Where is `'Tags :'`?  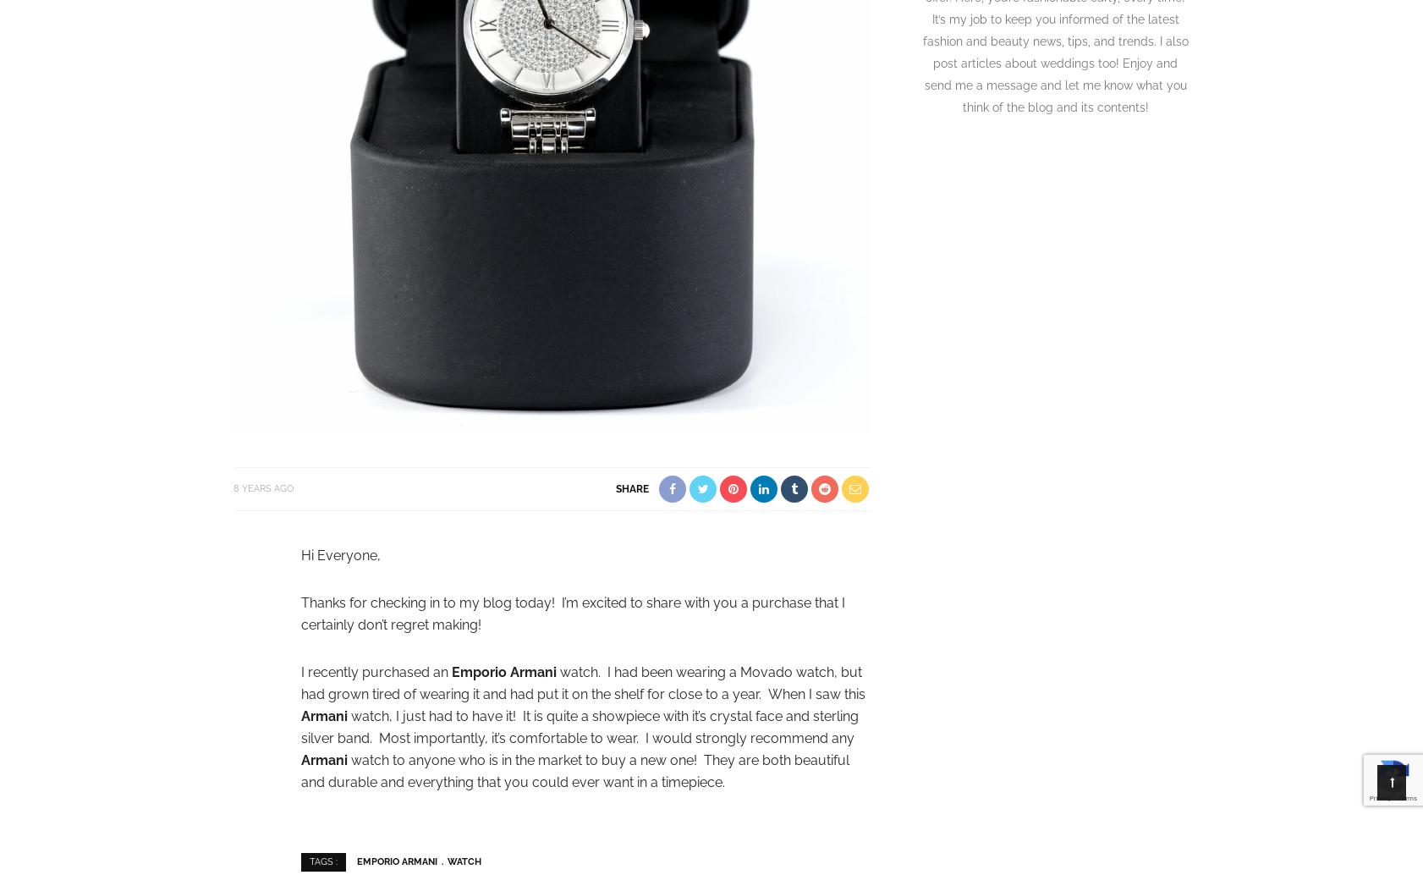
'Tags :' is located at coordinates (322, 861).